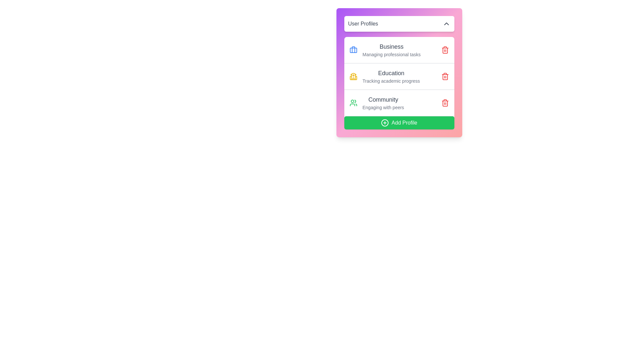 The height and width of the screenshot is (353, 629). I want to click on text label 'Business' located at the top of the section above the description 'Managing professional tasks', so click(391, 46).